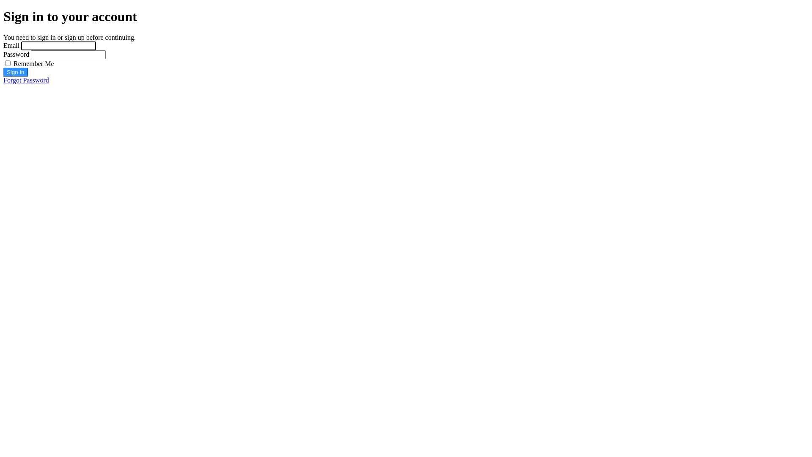  Describe the element at coordinates (16, 72) in the screenshot. I see `'Sign In'` at that location.